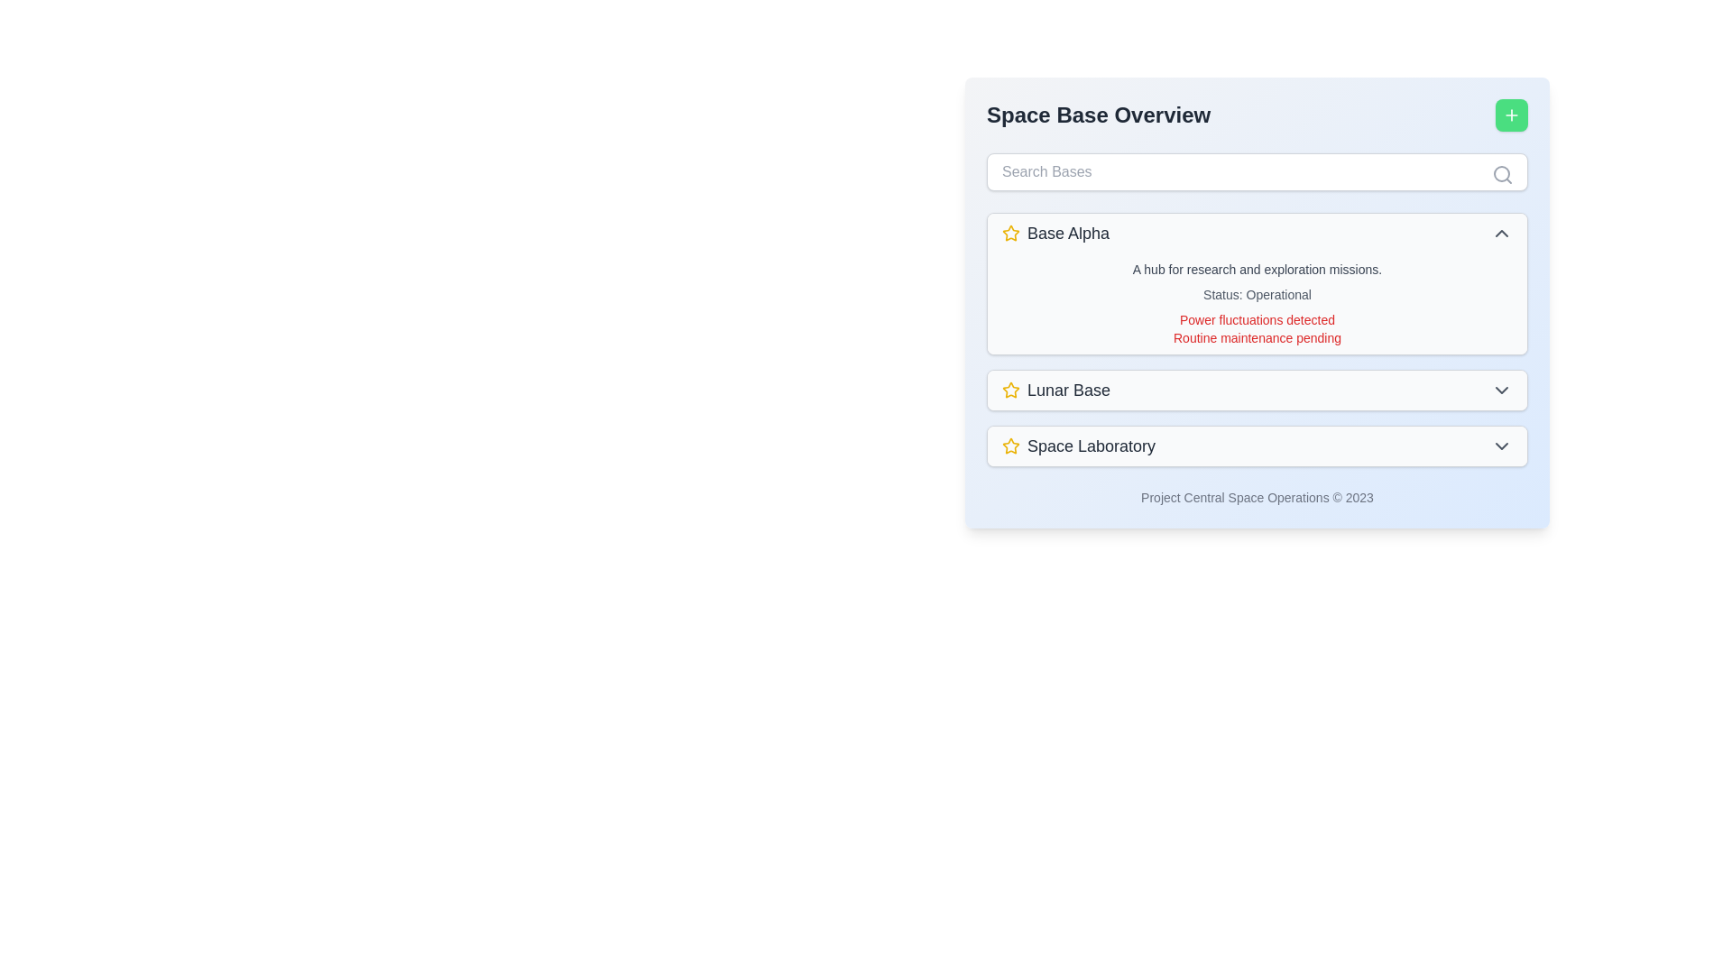 The width and height of the screenshot is (1732, 974). What do you see at coordinates (1256, 318) in the screenshot?
I see `the static text label displaying 'Power fluctuations detected.' which is located beneath the 'Status: Operational' label and above 'Routine maintenance pending.'` at bounding box center [1256, 318].